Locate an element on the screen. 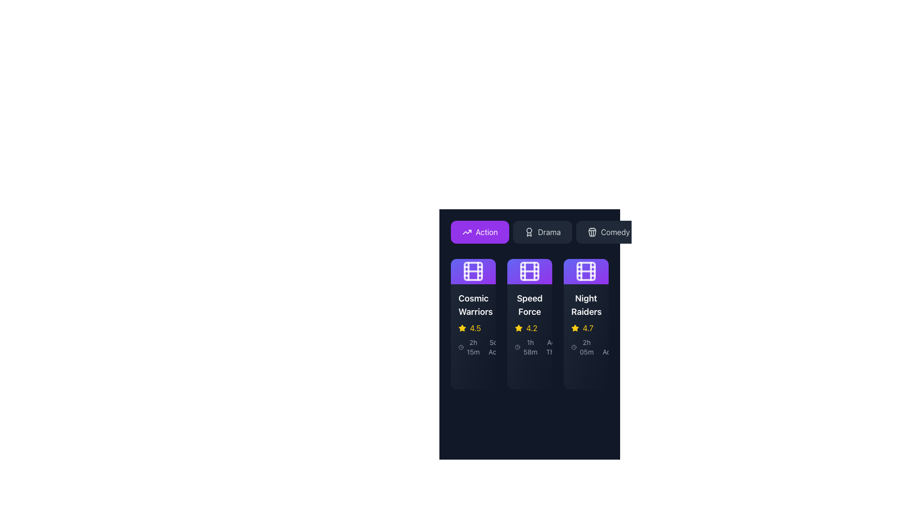  the 'Drama' category selector button, which is the second button in a row of three, positioned centrally above movie cards is located at coordinates (542, 232).